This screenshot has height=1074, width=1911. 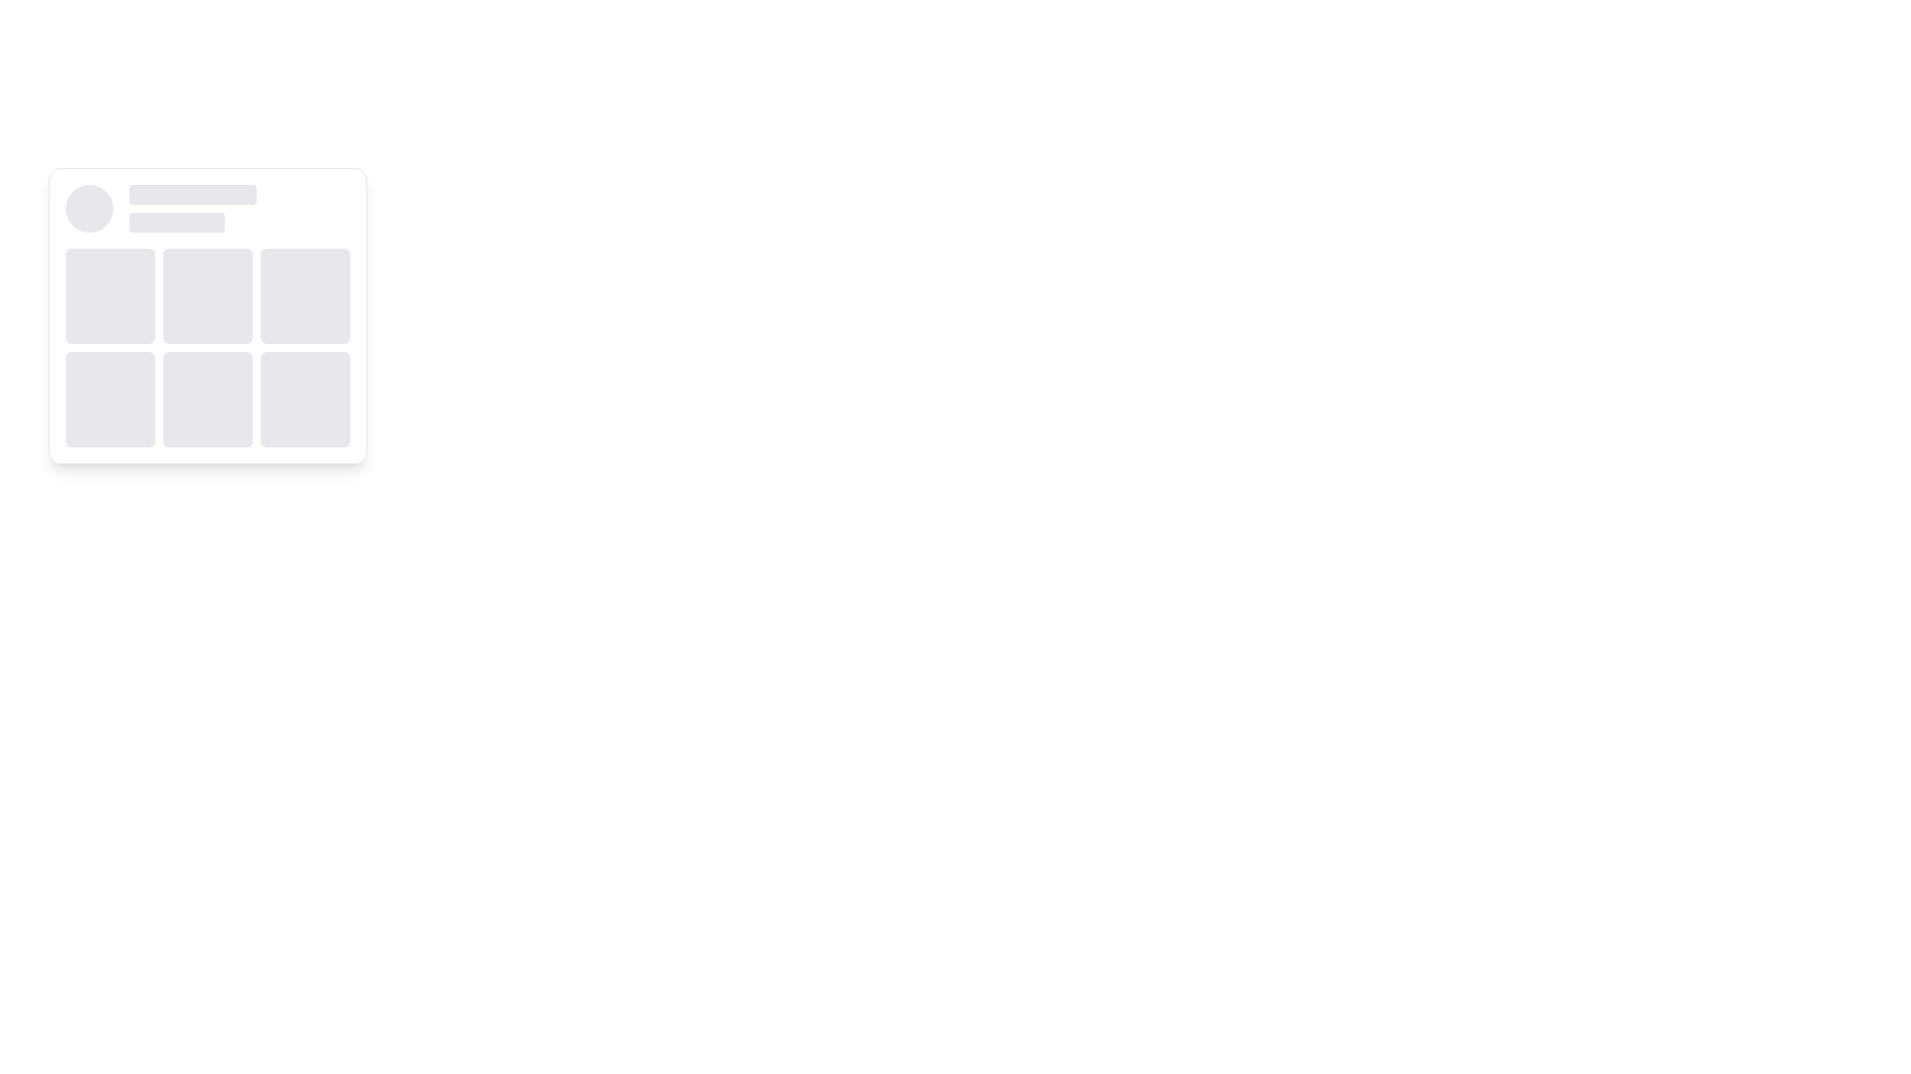 What do you see at coordinates (305, 399) in the screenshot?
I see `the light gray rectangular Placeholder block located in the last cell of a 3x2 grid layout, specifically in the third column of the second row` at bounding box center [305, 399].